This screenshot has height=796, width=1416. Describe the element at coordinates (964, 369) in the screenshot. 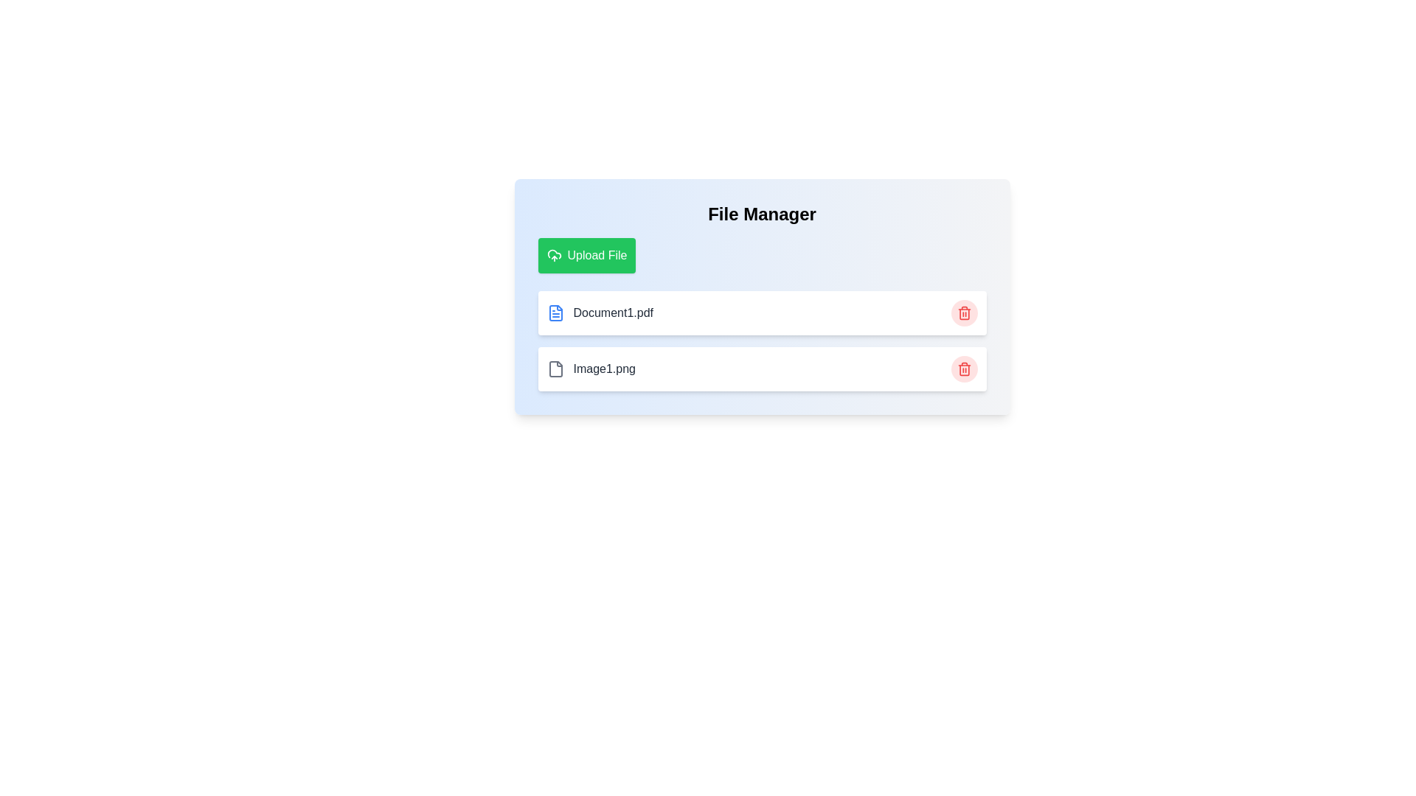

I see `the circular red button with a trash can icon, which is located at the right end of the second row corresponding to the file named 'Image1.png'` at that location.